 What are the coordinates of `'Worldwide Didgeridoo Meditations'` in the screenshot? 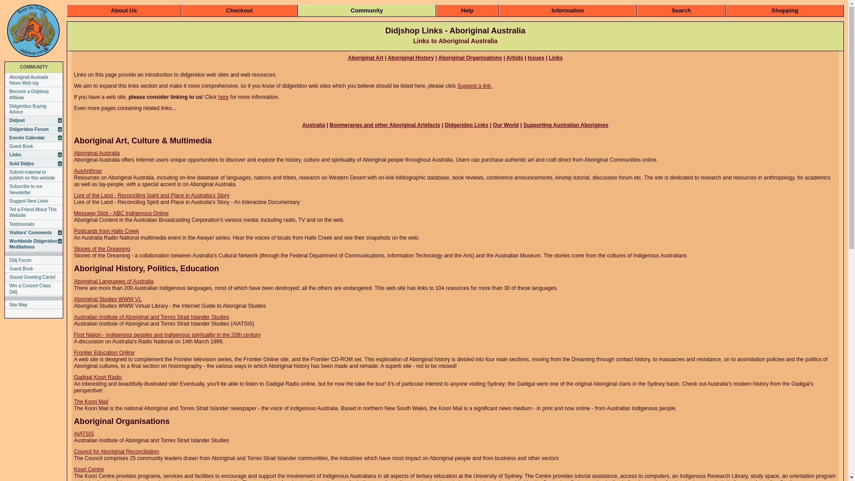 It's located at (33, 244).